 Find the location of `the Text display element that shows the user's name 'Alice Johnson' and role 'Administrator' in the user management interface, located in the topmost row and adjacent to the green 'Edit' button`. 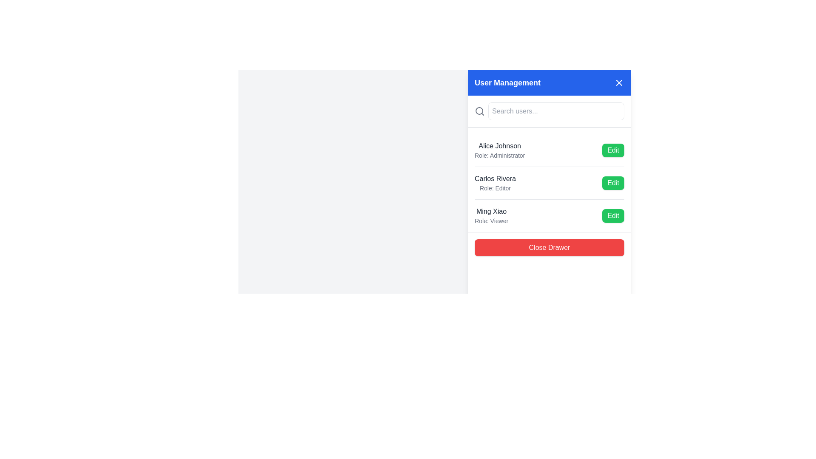

the Text display element that shows the user's name 'Alice Johnson' and role 'Administrator' in the user management interface, located in the topmost row and adjacent to the green 'Edit' button is located at coordinates (500, 150).